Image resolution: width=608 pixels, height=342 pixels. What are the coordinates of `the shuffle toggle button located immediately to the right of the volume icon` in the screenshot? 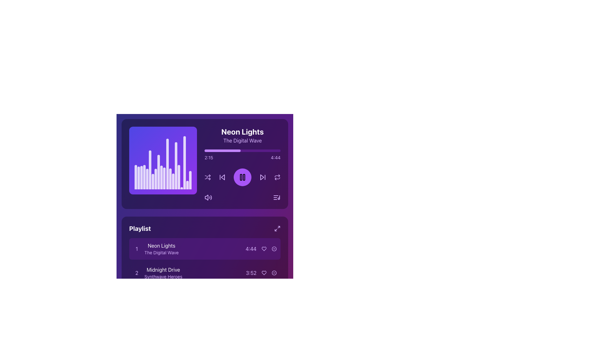 It's located at (208, 177).